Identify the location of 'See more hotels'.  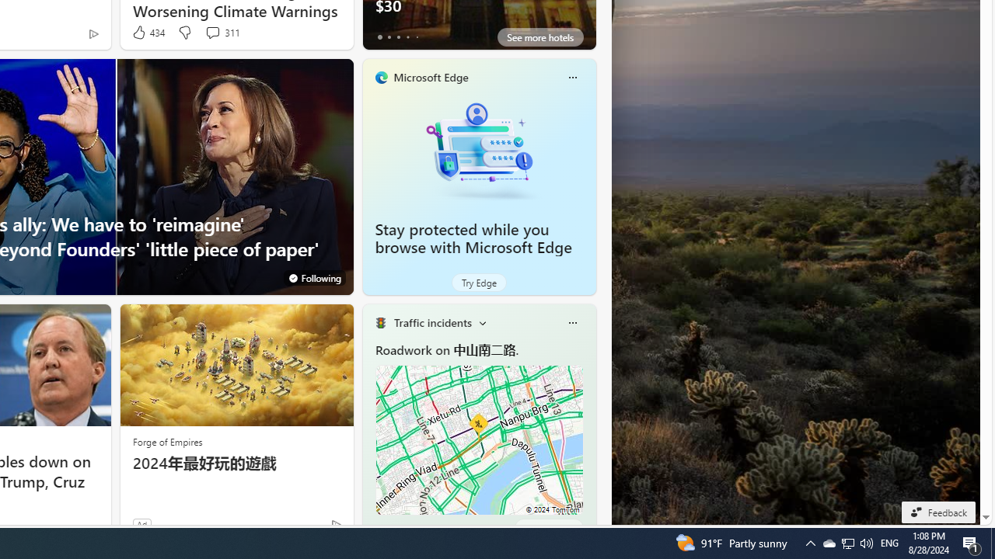
(540, 36).